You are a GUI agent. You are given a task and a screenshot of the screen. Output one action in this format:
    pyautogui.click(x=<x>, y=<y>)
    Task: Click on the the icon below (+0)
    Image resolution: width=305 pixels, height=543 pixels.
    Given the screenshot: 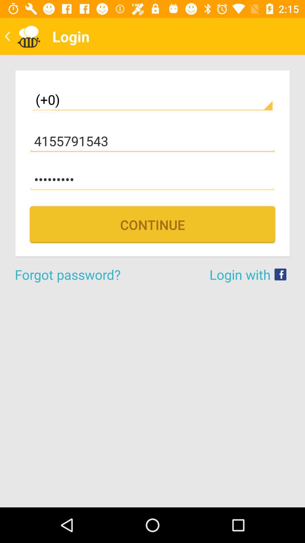 What is the action you would take?
    pyautogui.click(x=152, y=141)
    